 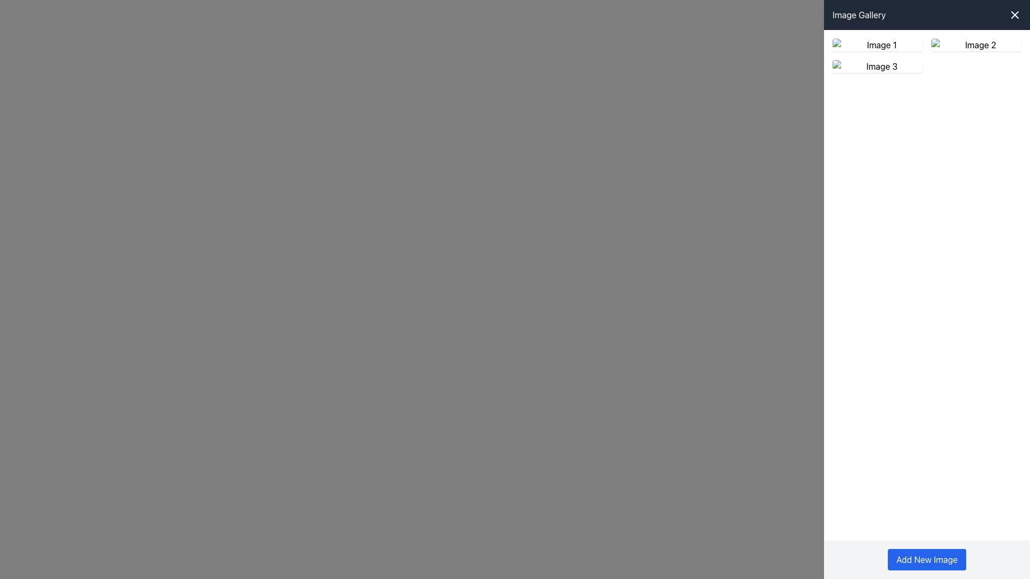 I want to click on the pen icon within the SVG graphic, so click(x=977, y=43).